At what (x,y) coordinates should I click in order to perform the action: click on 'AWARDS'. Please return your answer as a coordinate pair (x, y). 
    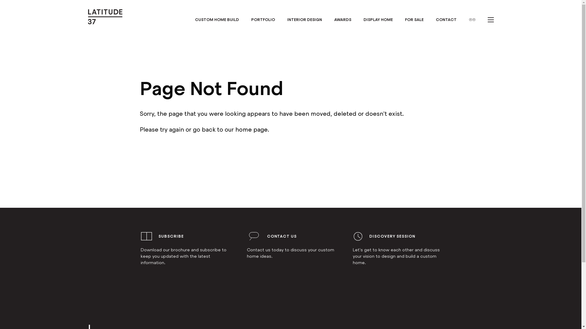
    Looking at the image, I should click on (342, 19).